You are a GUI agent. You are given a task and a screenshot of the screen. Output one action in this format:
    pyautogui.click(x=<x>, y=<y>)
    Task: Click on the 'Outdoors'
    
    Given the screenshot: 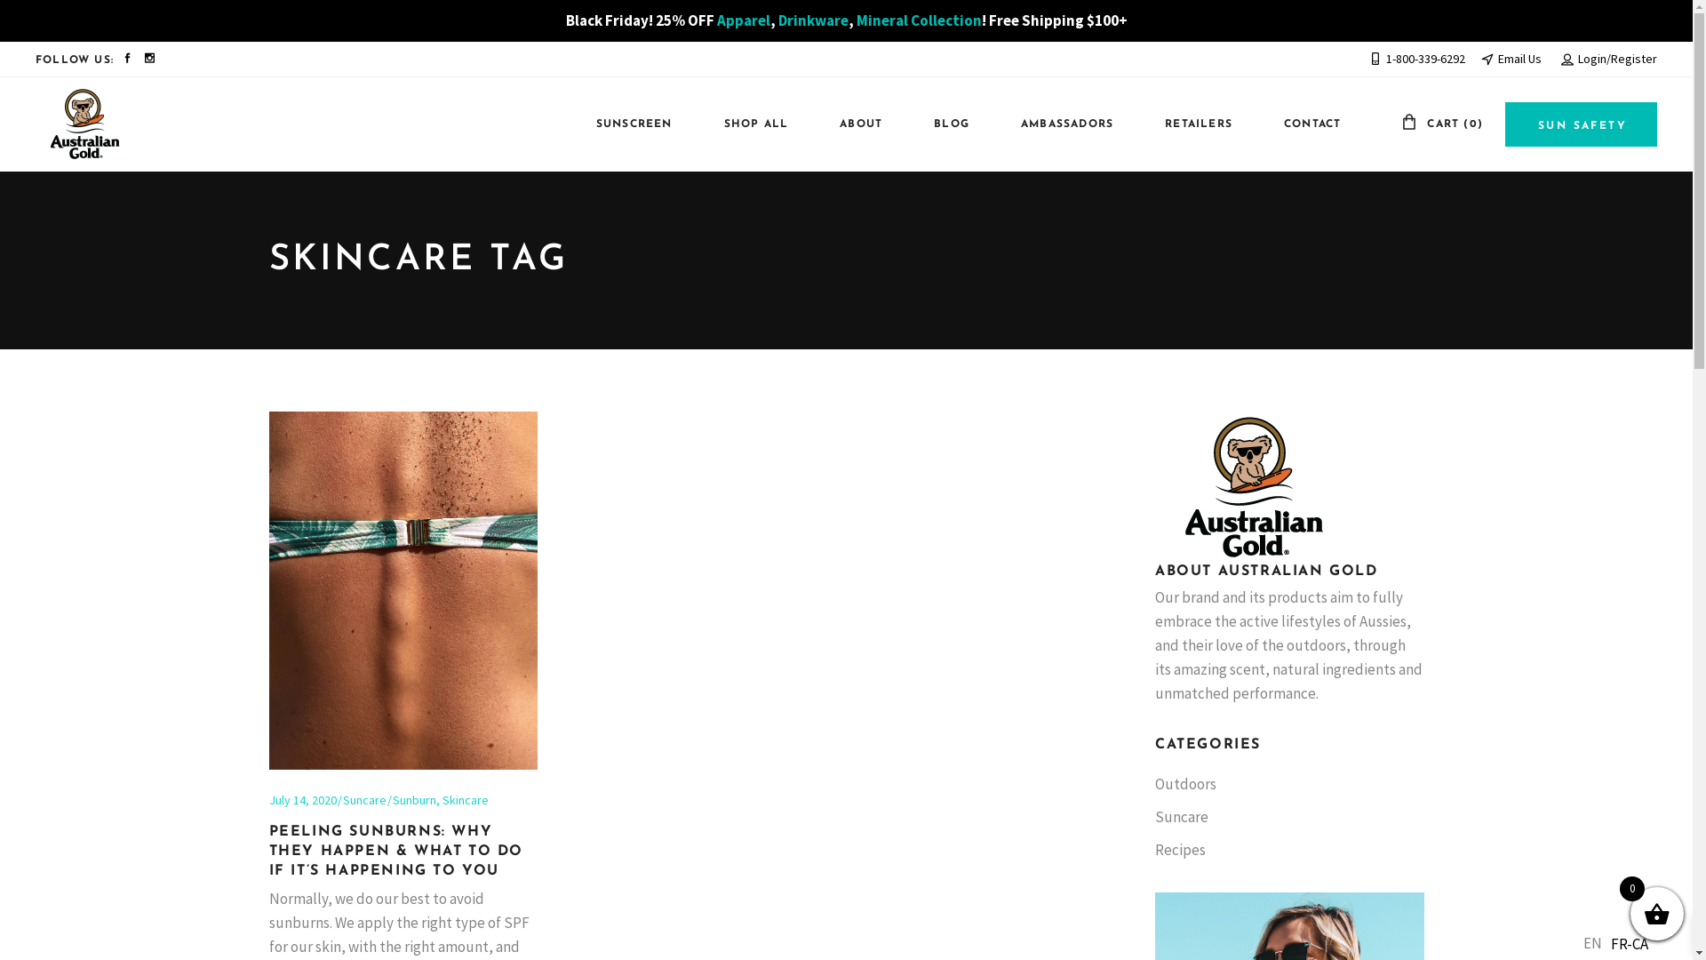 What is the action you would take?
    pyautogui.click(x=1185, y=783)
    